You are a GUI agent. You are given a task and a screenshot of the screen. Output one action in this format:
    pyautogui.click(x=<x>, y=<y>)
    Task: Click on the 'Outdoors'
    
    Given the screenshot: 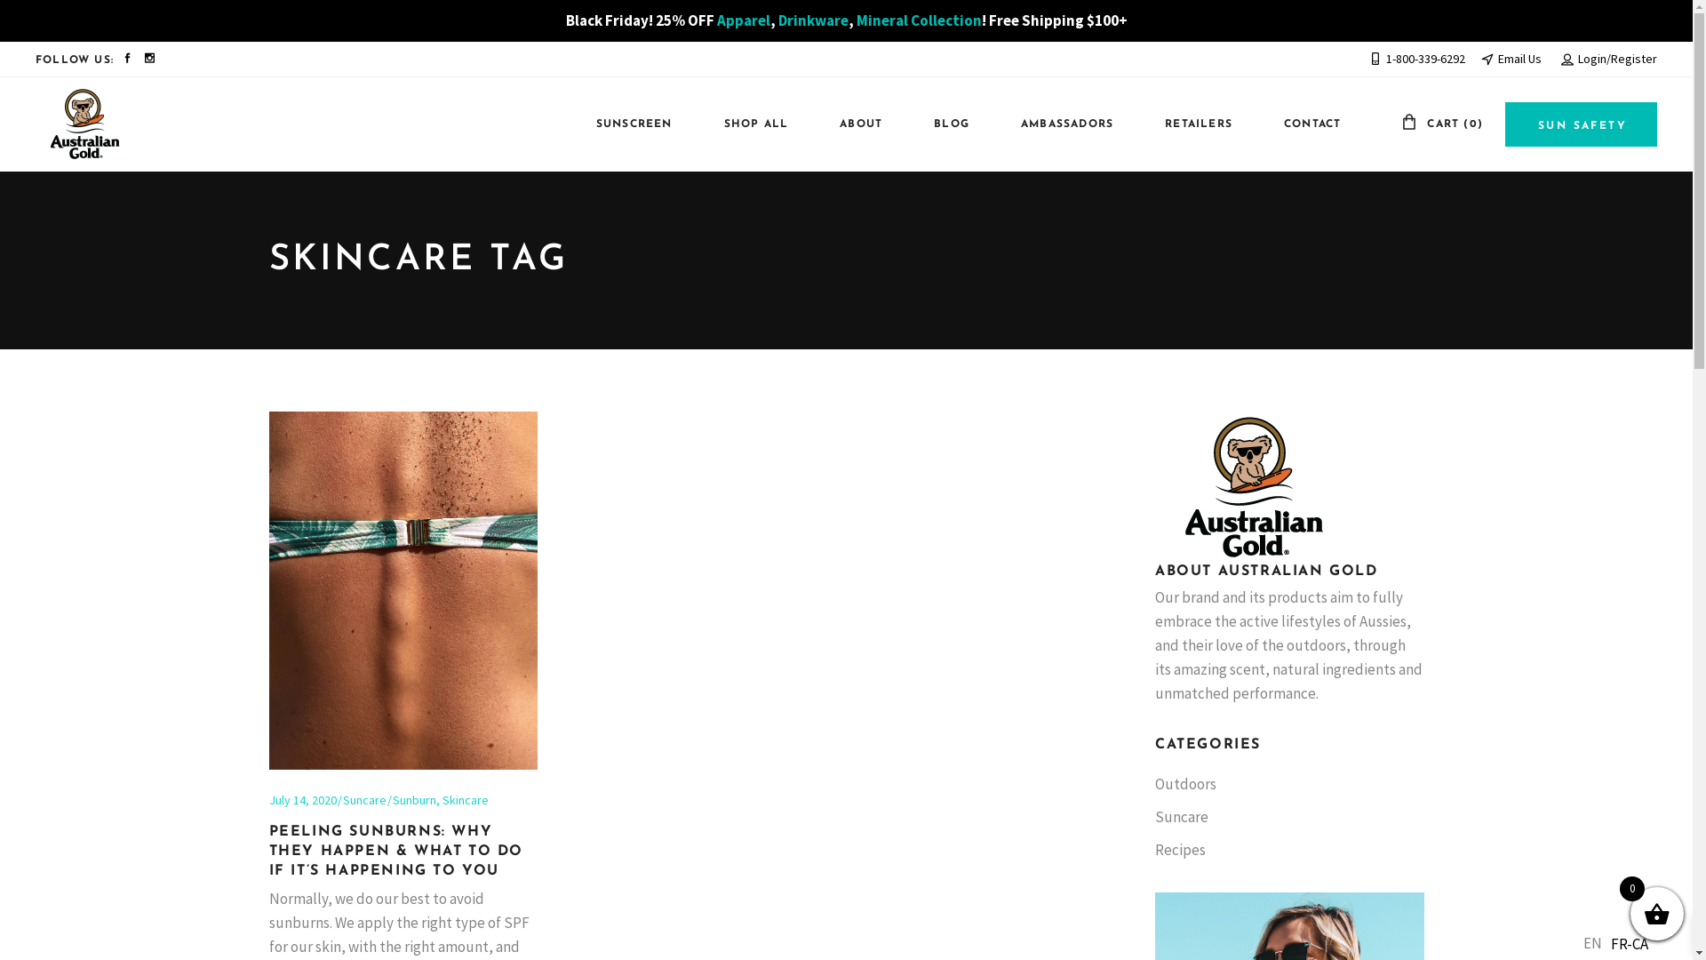 What is the action you would take?
    pyautogui.click(x=1185, y=783)
    